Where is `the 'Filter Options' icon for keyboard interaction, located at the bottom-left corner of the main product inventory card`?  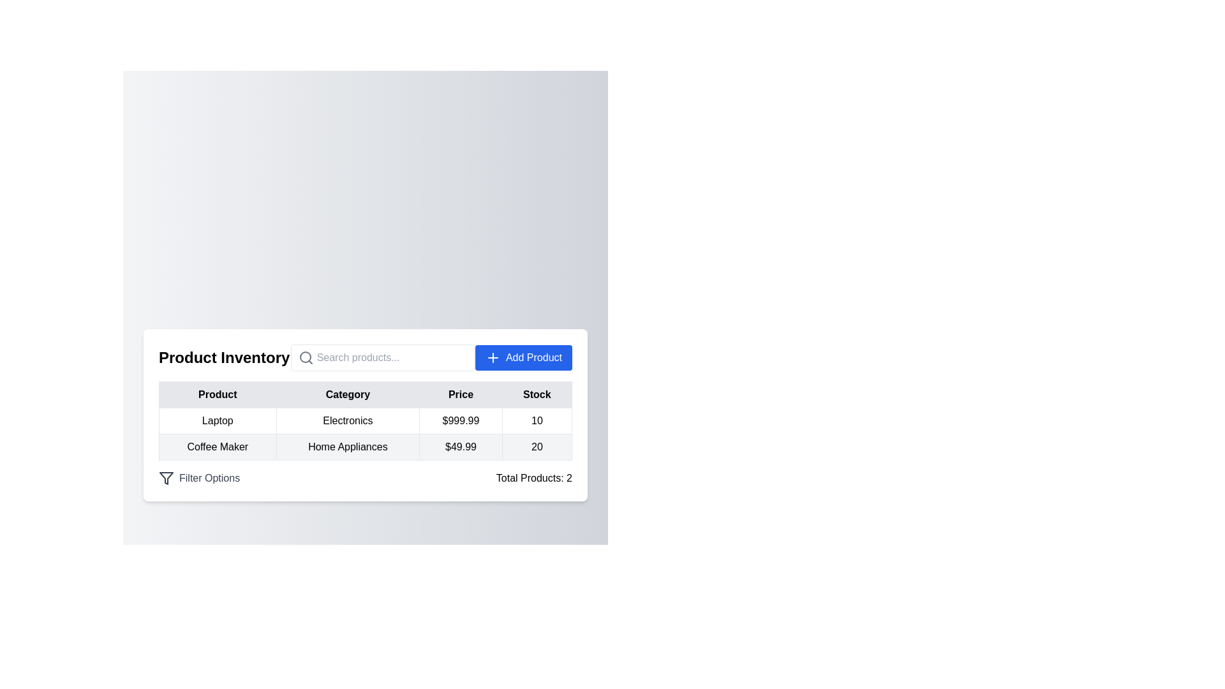 the 'Filter Options' icon for keyboard interaction, located at the bottom-left corner of the main product inventory card is located at coordinates (165, 478).